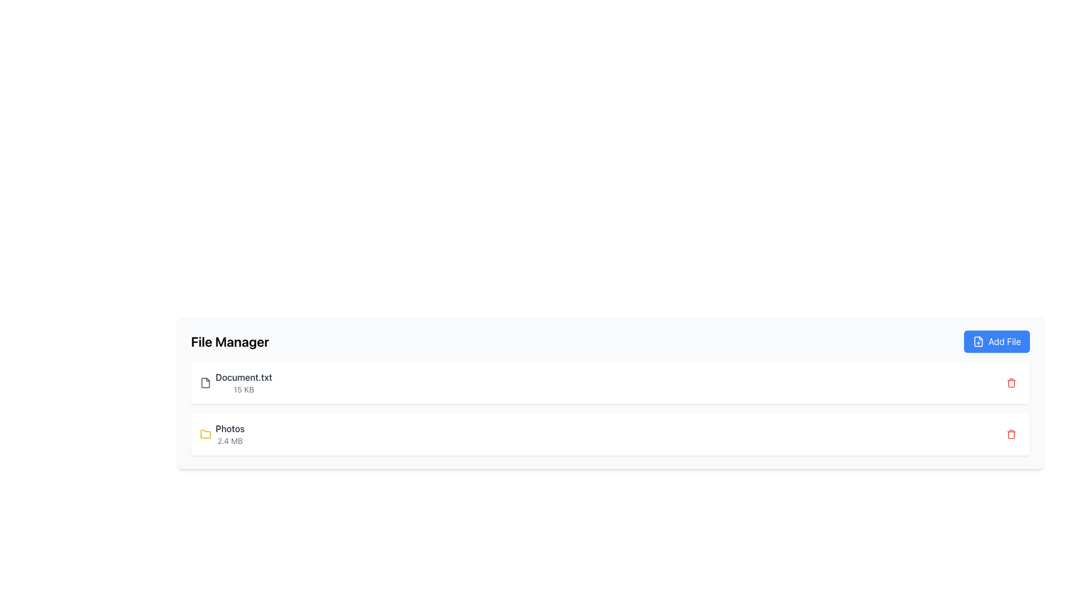 The width and height of the screenshot is (1073, 603). What do you see at coordinates (206, 382) in the screenshot?
I see `the file icon located` at bounding box center [206, 382].